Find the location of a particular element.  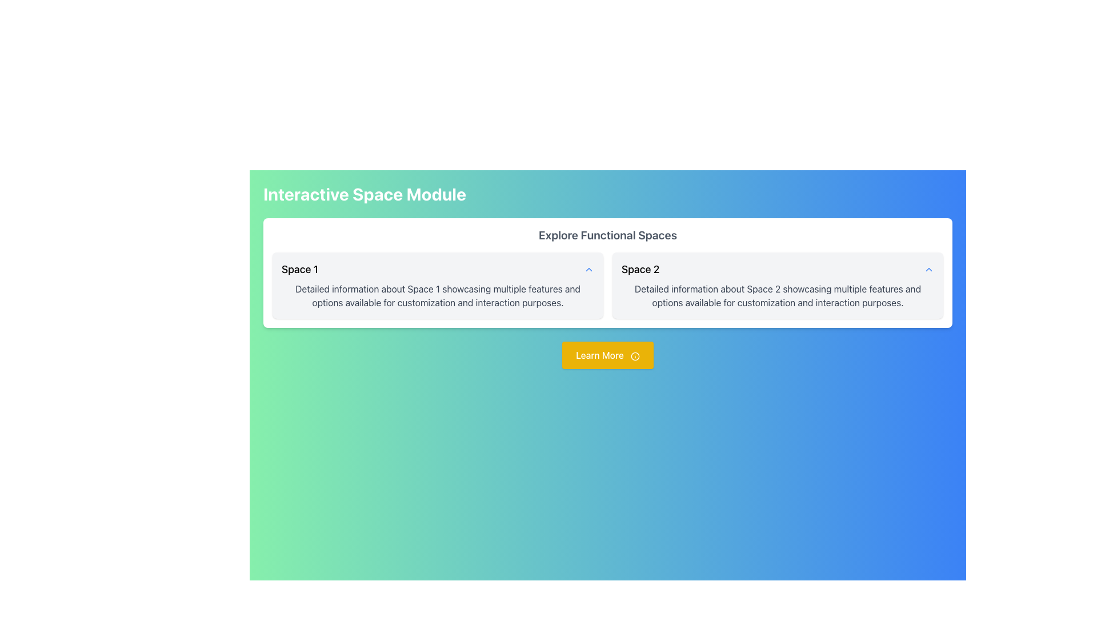

the Icon Button in the upper-right corner of 'Space 1' to interact and collapse or expand additional details is located at coordinates (589, 269).